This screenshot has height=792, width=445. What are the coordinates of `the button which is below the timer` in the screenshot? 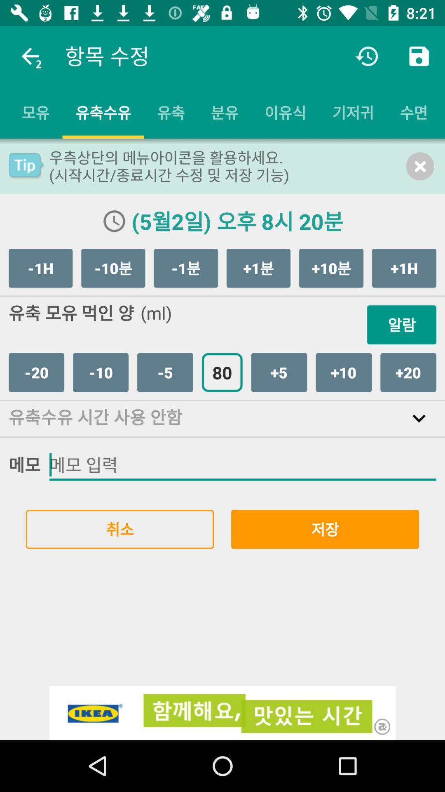 It's located at (352, 112).